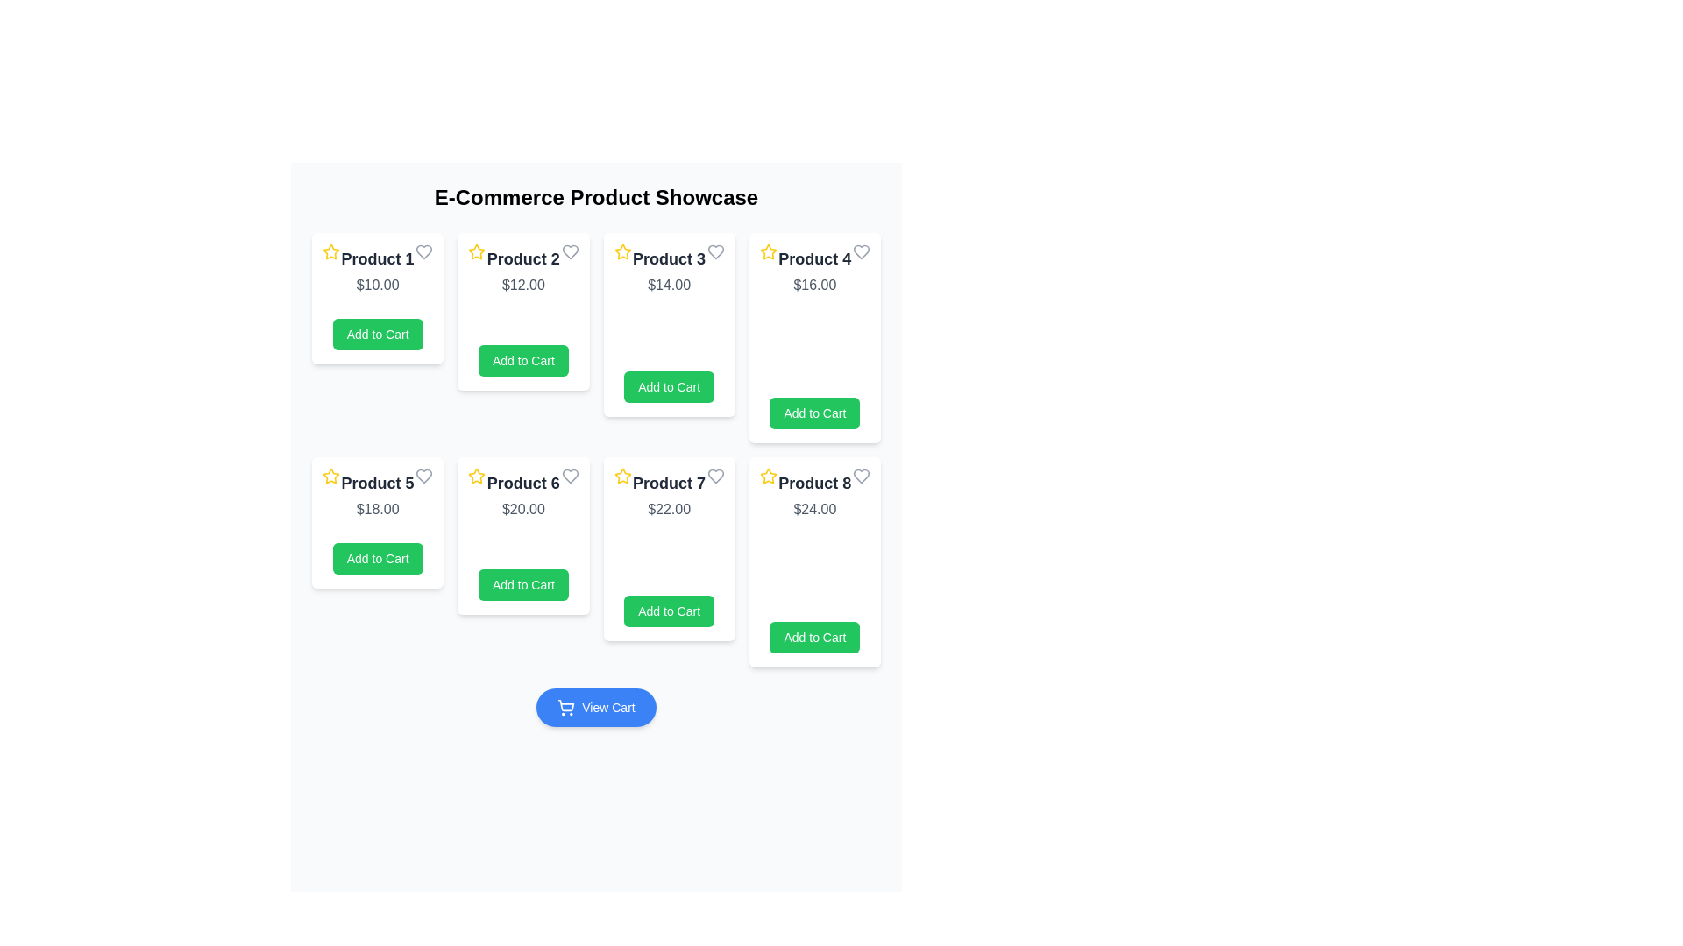  What do you see at coordinates (813, 285) in the screenshot?
I see `text displayed in the Text label showing the price '$16.00', which is located below the title 'Product 4' and above the 'Add to Cart' button in the fourth product card` at bounding box center [813, 285].